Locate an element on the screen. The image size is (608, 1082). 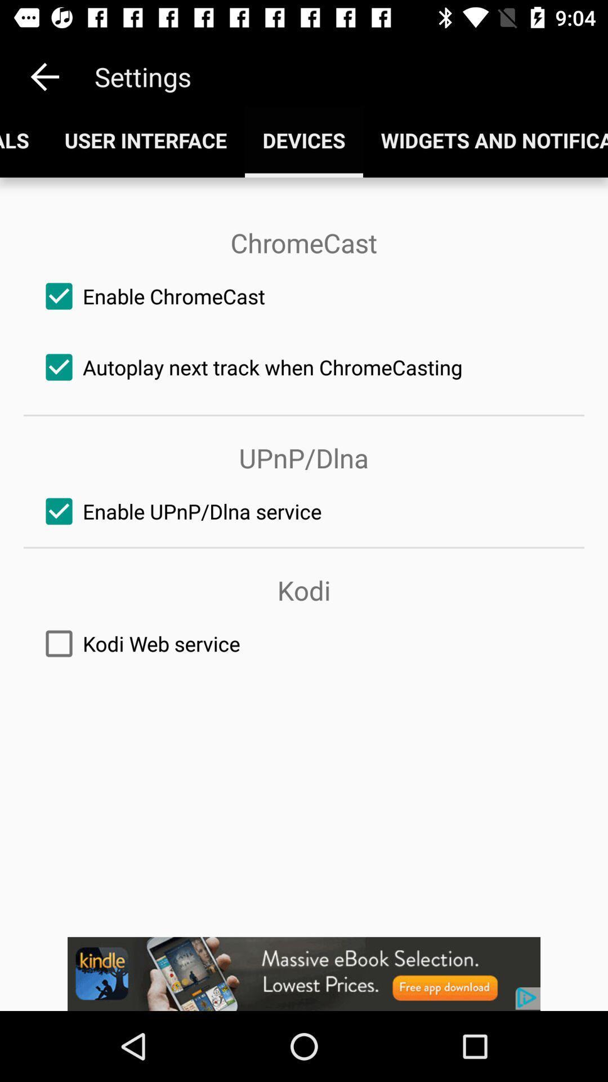
the check box under chromecast is located at coordinates (304, 296).